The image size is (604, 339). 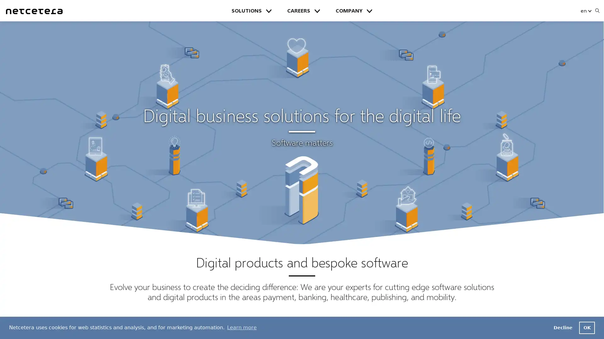 I want to click on allow cookies, so click(x=587, y=327).